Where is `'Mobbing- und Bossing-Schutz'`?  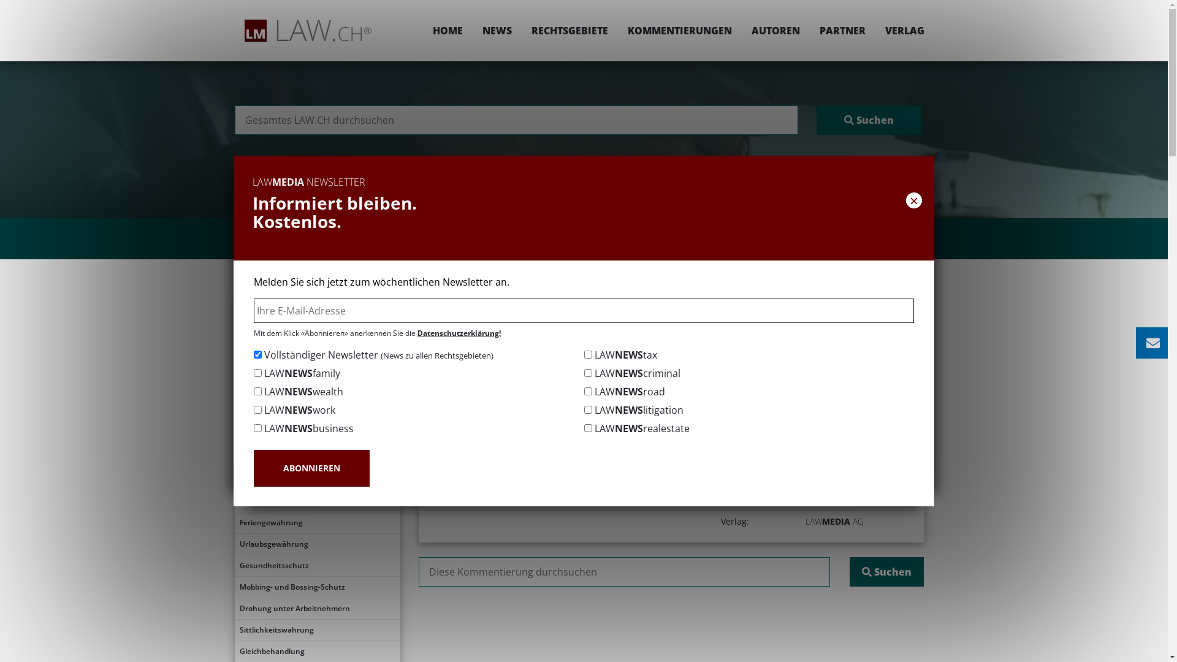 'Mobbing- und Bossing-Schutz' is located at coordinates (317, 586).